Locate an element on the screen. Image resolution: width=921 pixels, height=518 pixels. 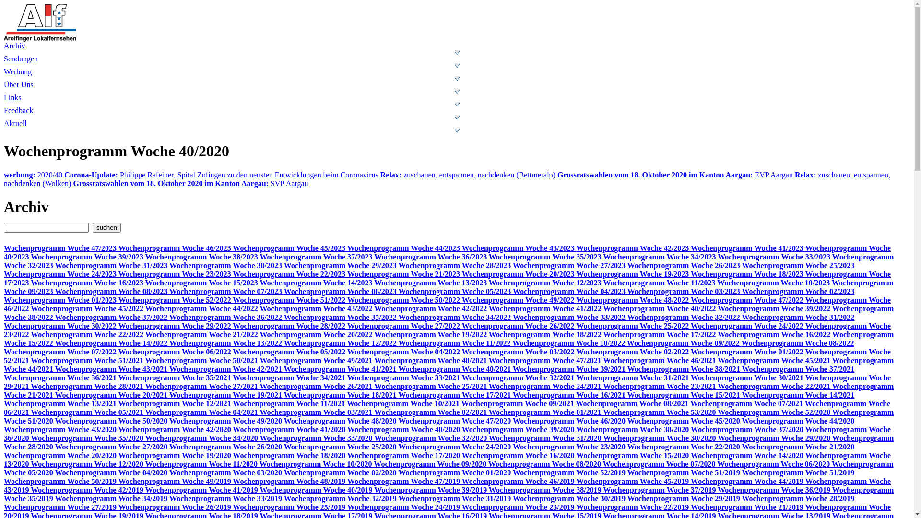
'Wochenprogramm Woche 19/2020' is located at coordinates (176, 455).